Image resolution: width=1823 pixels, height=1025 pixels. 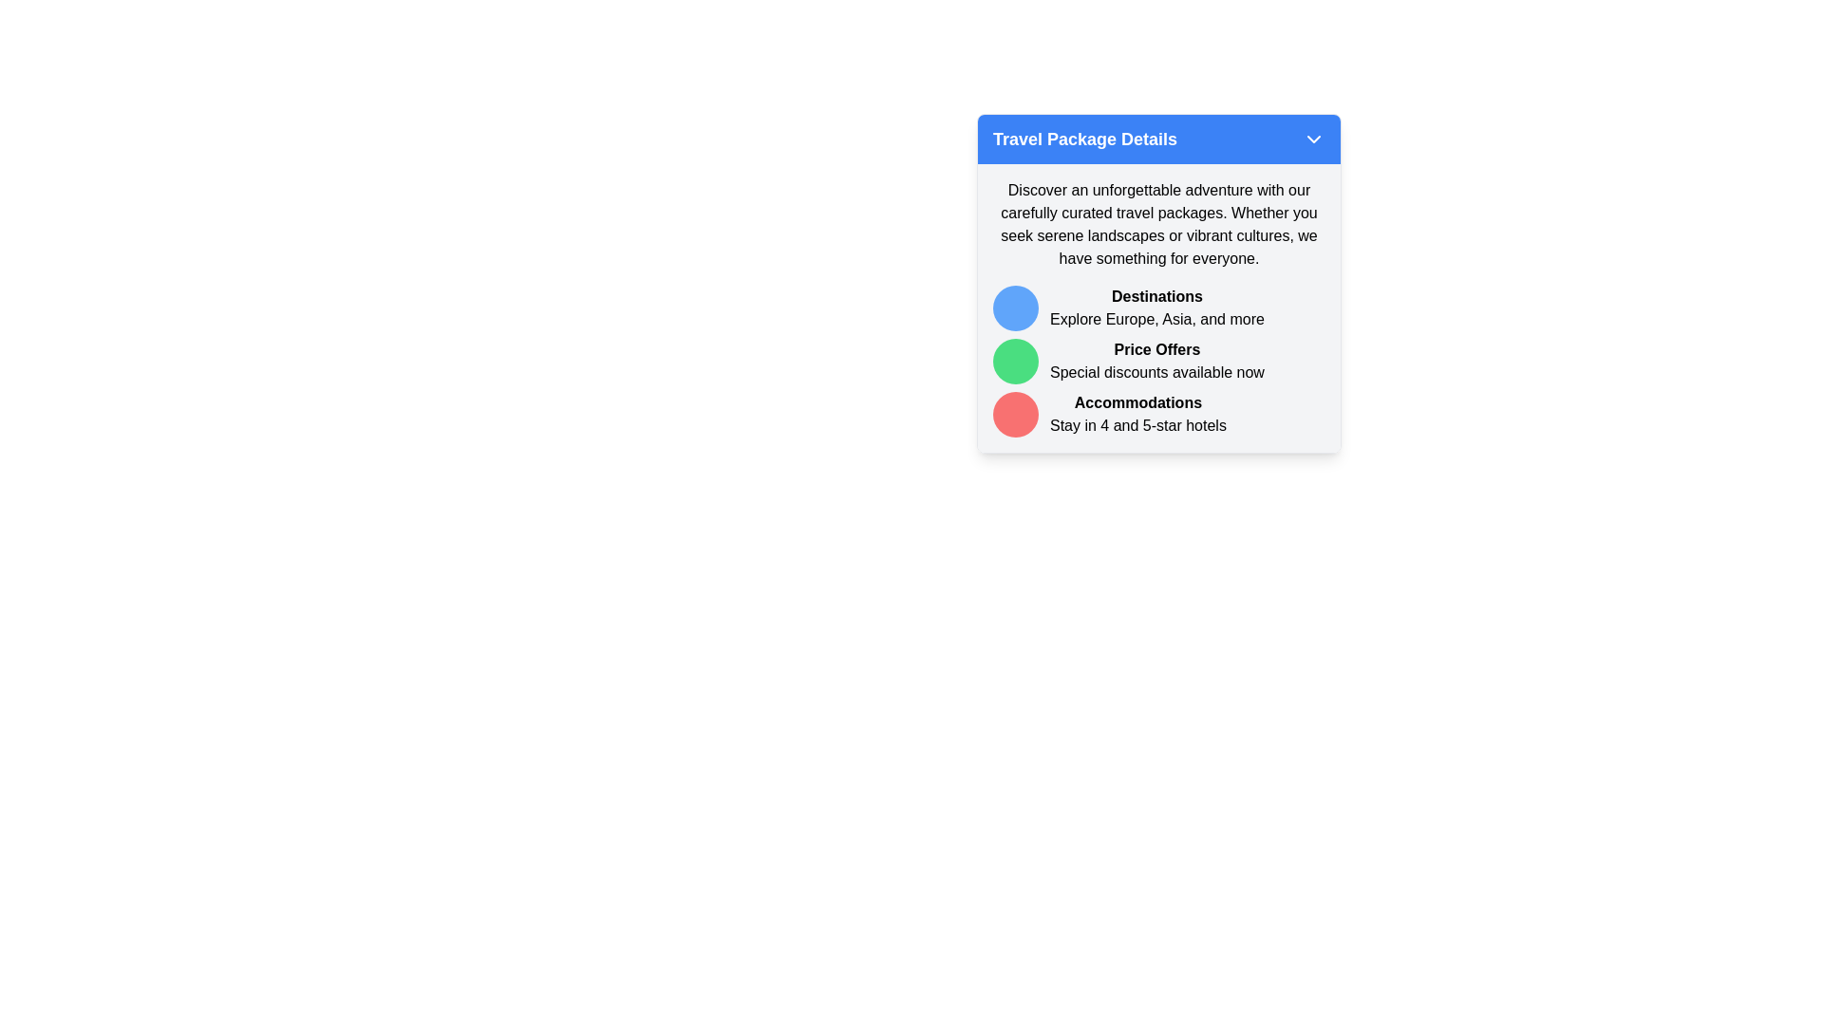 What do you see at coordinates (1138, 401) in the screenshot?
I see `text label that serves as a header for the 'Travel Package Details' section, positioned above the description 'Stay in 4 and 5-star hotels'` at bounding box center [1138, 401].